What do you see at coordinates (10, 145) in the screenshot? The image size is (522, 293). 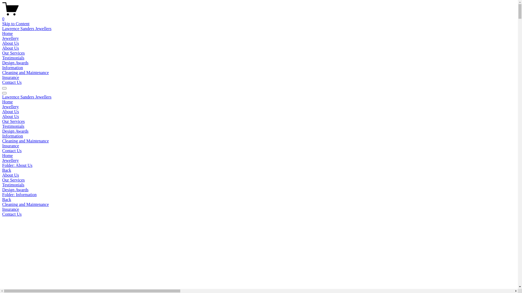 I see `'Insurance'` at bounding box center [10, 145].